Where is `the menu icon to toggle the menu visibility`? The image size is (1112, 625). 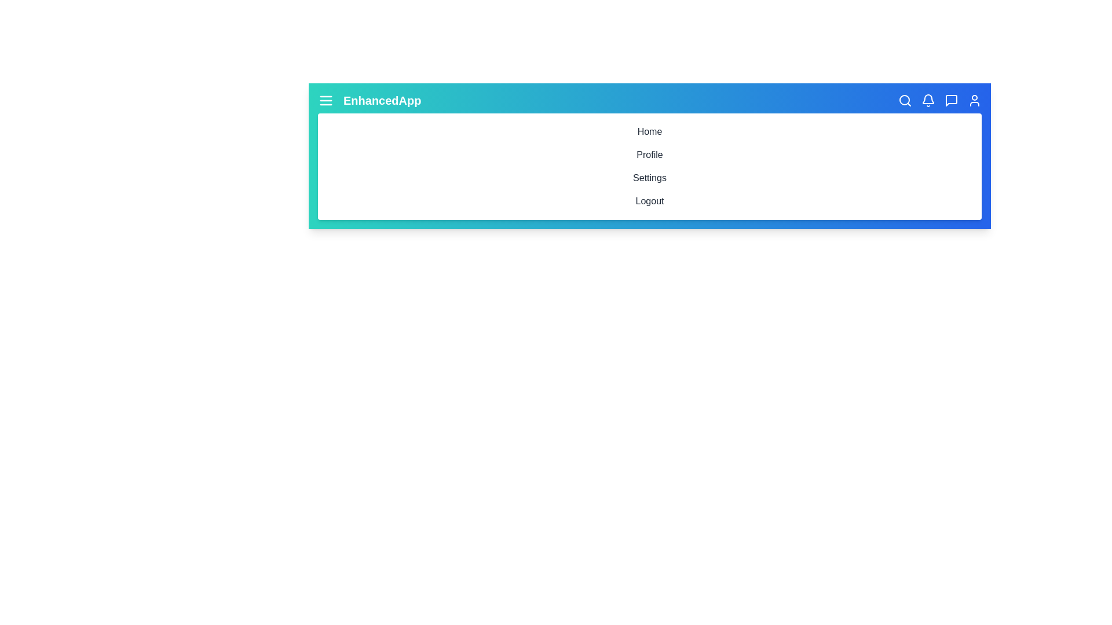
the menu icon to toggle the menu visibility is located at coordinates (325, 100).